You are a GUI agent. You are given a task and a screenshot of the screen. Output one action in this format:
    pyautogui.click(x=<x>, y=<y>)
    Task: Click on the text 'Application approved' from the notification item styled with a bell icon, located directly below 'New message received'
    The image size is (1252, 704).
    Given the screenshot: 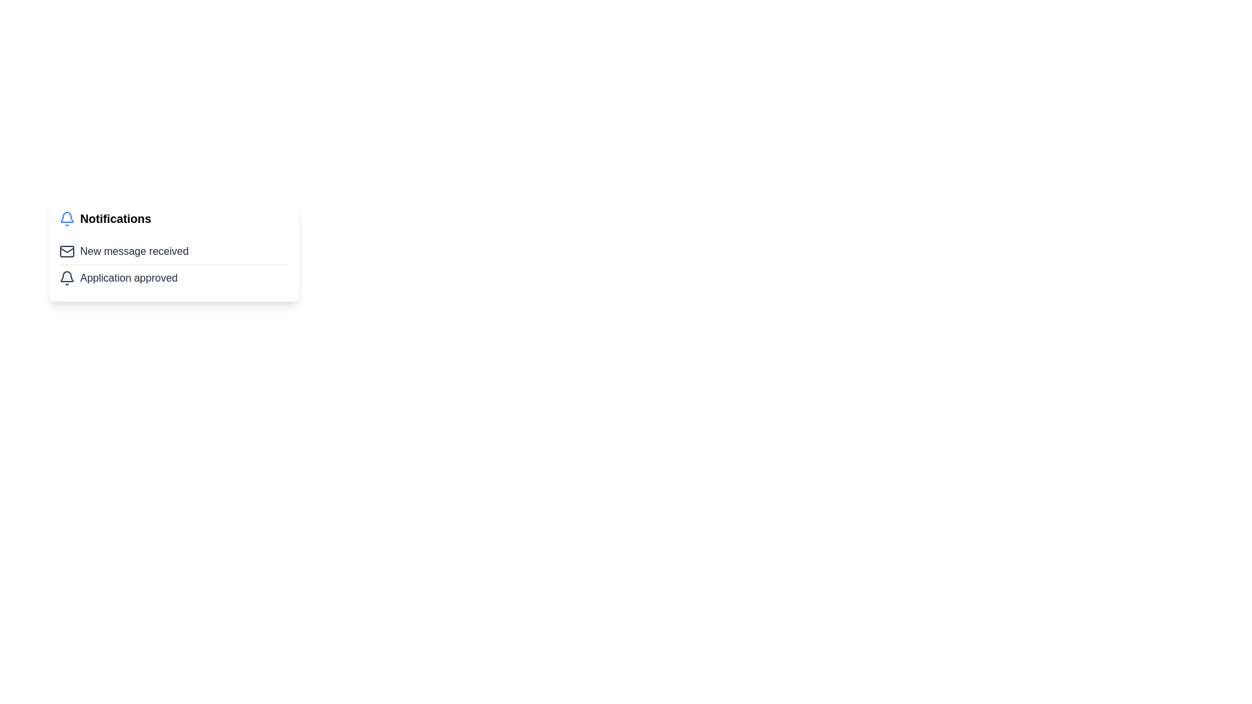 What is the action you would take?
    pyautogui.click(x=173, y=278)
    